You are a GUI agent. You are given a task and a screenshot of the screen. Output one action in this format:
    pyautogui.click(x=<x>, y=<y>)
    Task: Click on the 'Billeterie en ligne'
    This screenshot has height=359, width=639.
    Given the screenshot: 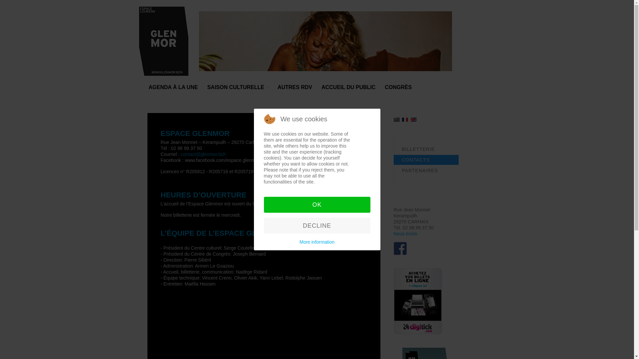 What is the action you would take?
    pyautogui.click(x=393, y=301)
    